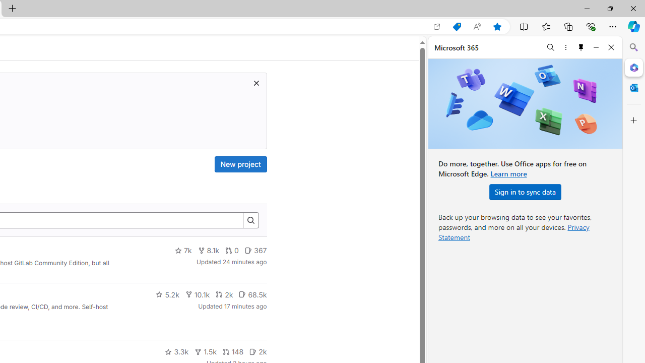 The height and width of the screenshot is (363, 645). I want to click on '68.5k', so click(252, 294).